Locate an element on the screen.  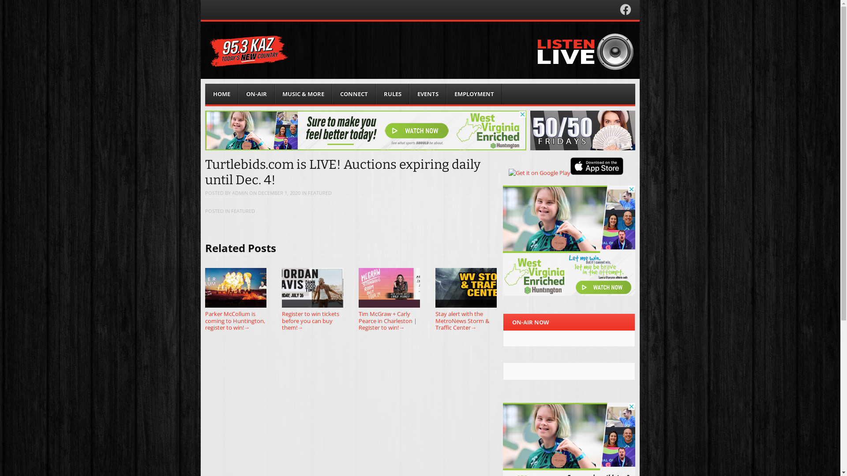
'EMPLOYMENT' is located at coordinates (474, 94).